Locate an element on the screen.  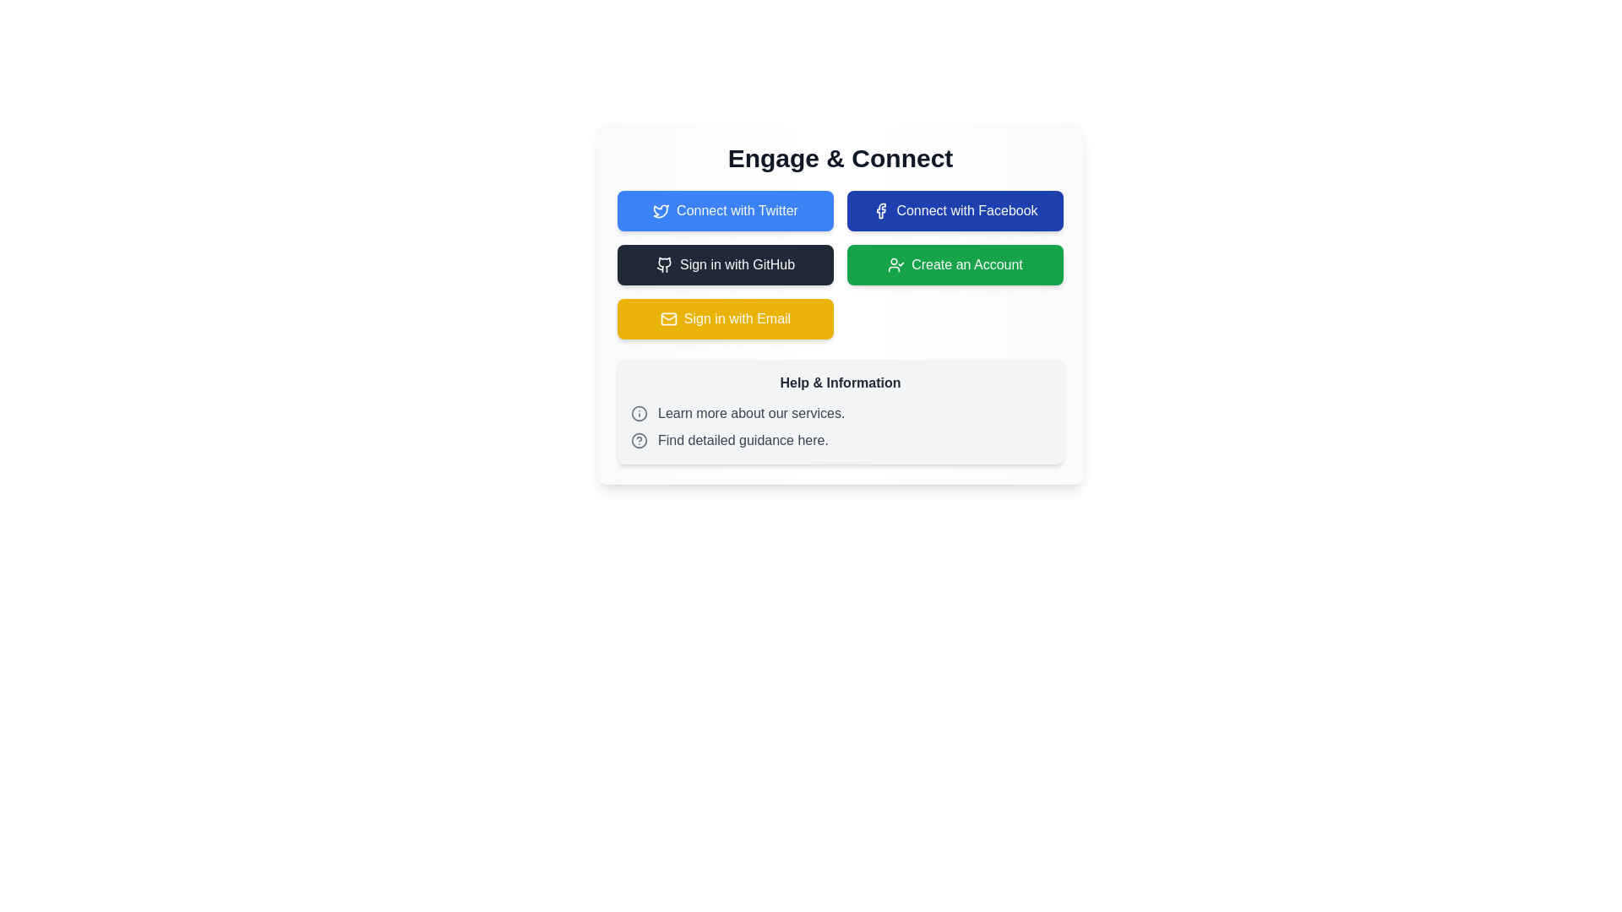
the sign-in button located in the 'Engage & Connect' section to proceed with sign-in using email is located at coordinates (726, 319).